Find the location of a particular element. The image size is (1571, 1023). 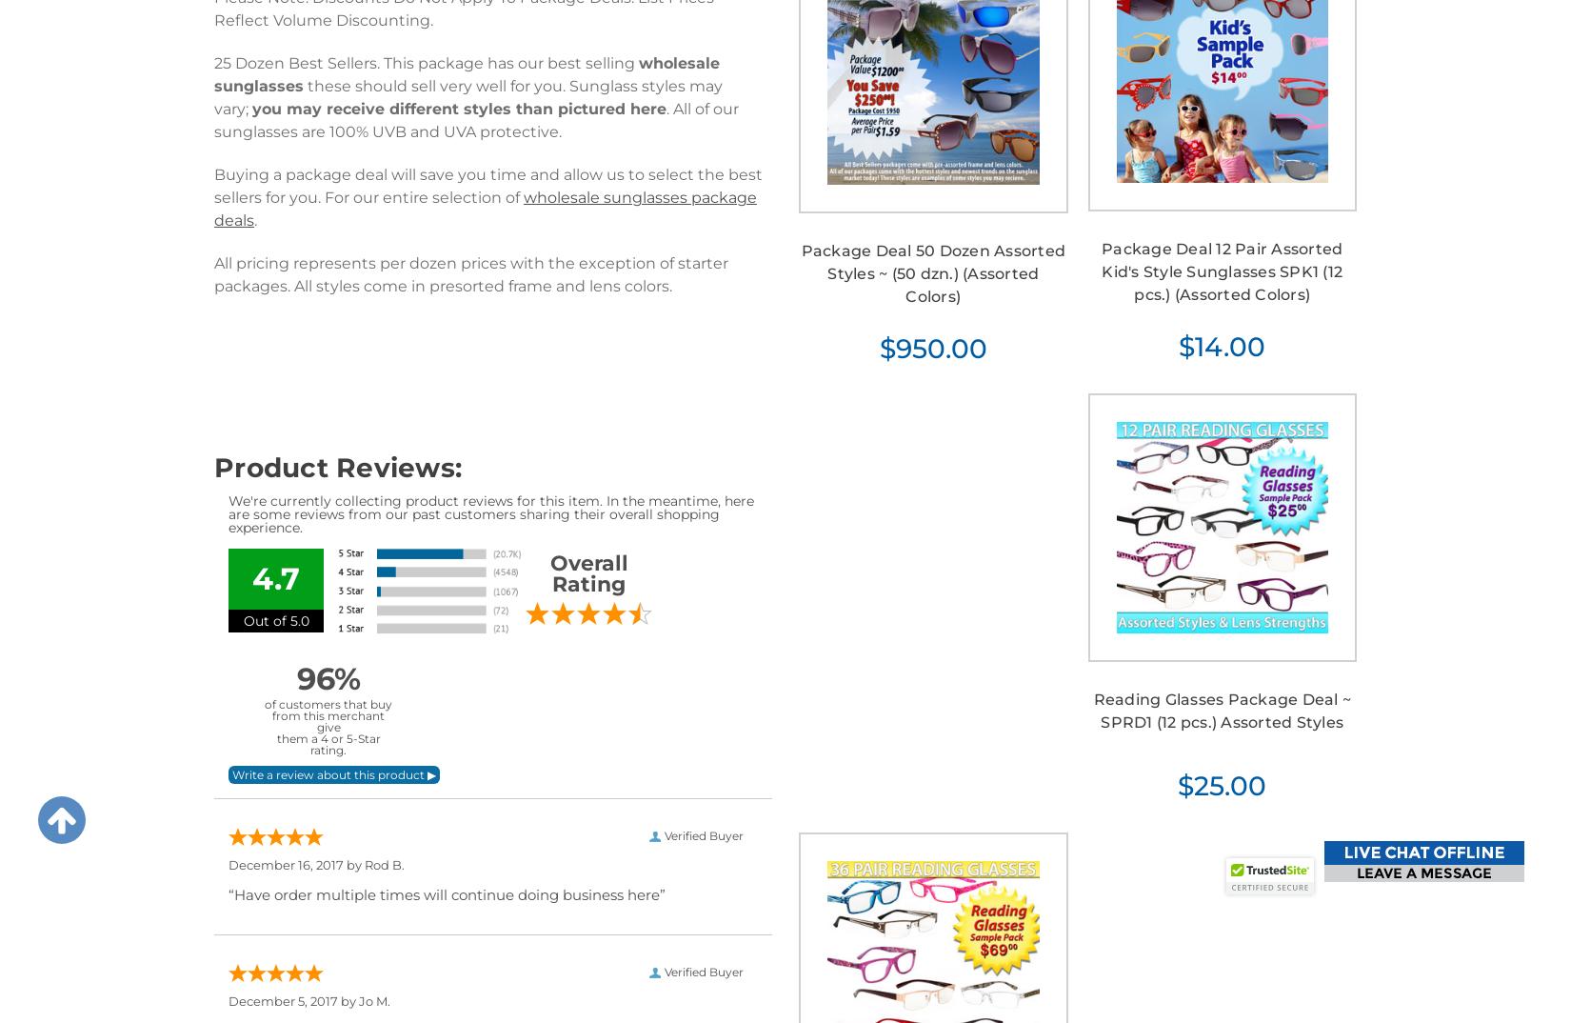

'$25.00' is located at coordinates (1221, 786).